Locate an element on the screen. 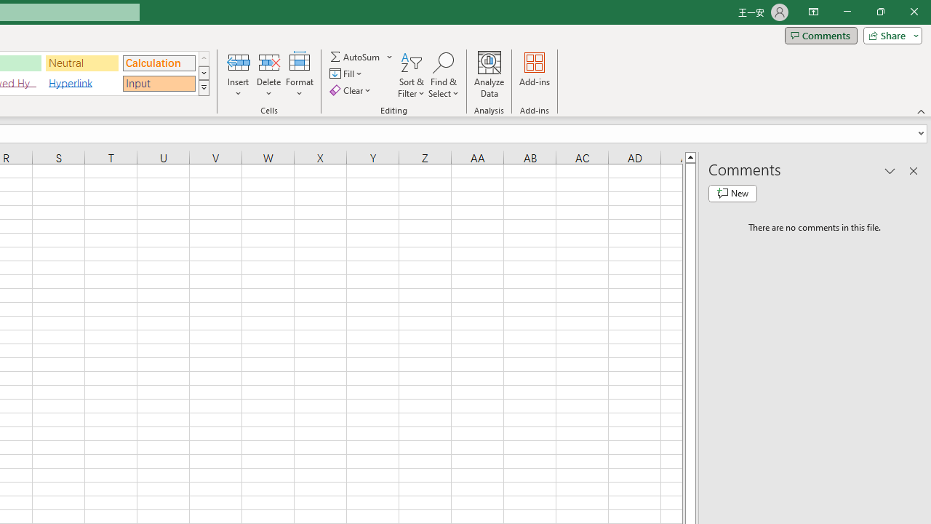 This screenshot has width=931, height=524. 'Format' is located at coordinates (299, 75).